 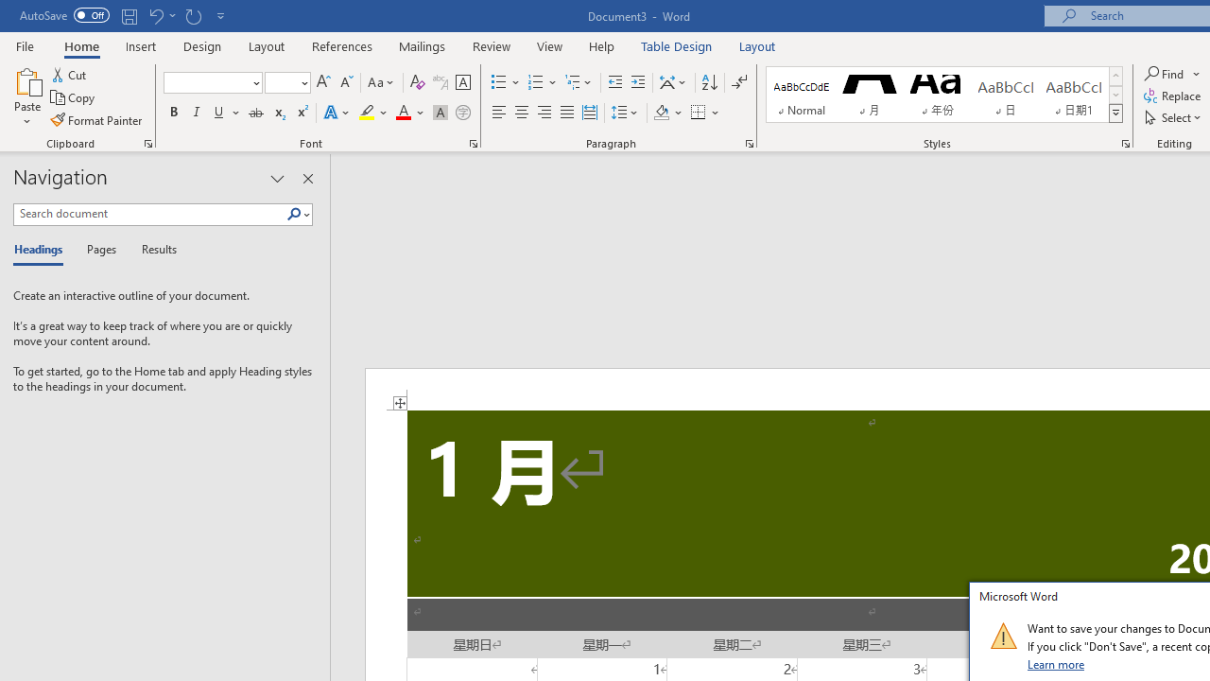 What do you see at coordinates (123, 15) in the screenshot?
I see `'Quick Access Toolbar'` at bounding box center [123, 15].